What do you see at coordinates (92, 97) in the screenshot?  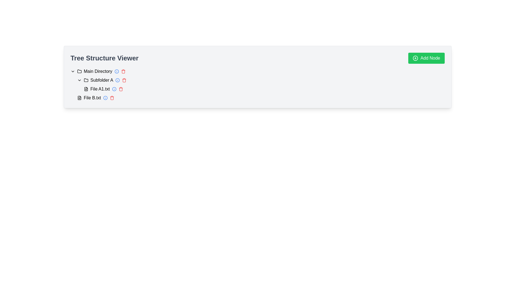 I see `the 'File B.txt' text label` at bounding box center [92, 97].